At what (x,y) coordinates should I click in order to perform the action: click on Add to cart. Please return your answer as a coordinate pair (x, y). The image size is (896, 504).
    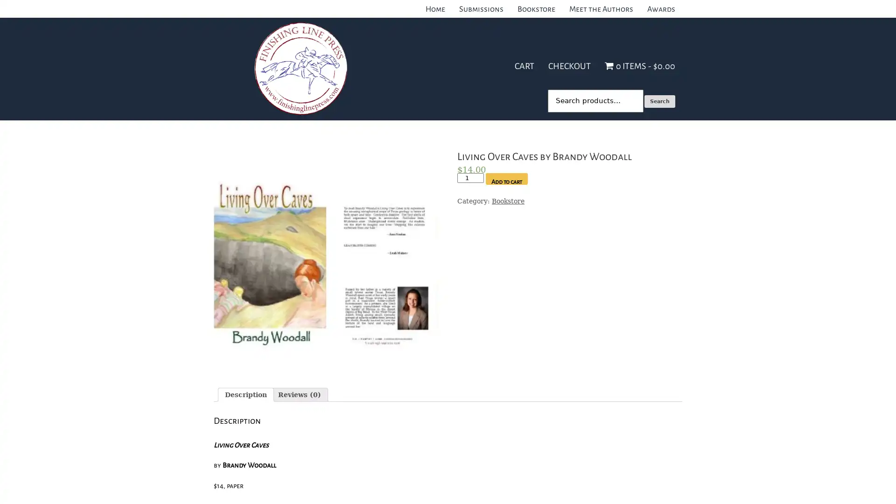
    Looking at the image, I should click on (505, 179).